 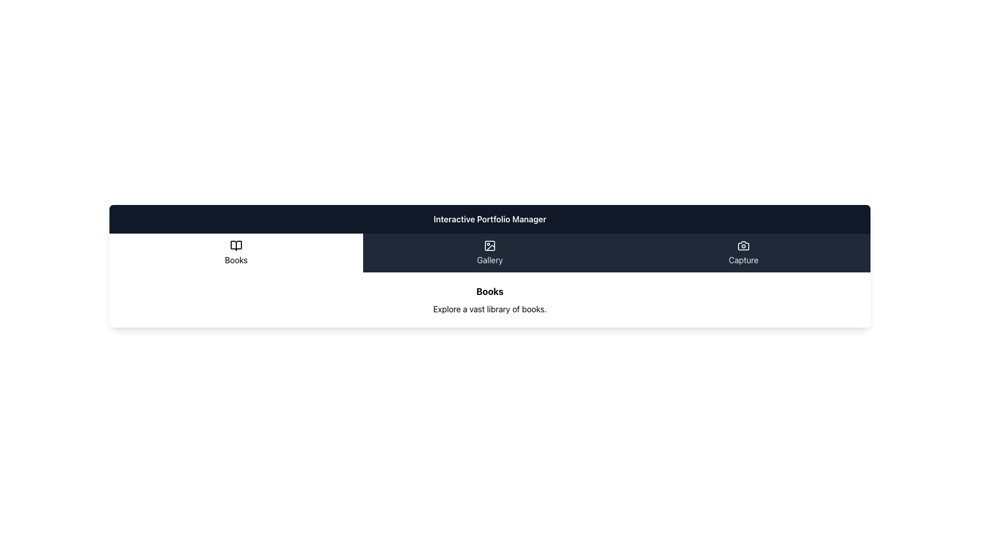 I want to click on the first interactive tile or button on the left side below the dark header bar titled 'Interactive Portfolio Manager', so click(x=235, y=252).